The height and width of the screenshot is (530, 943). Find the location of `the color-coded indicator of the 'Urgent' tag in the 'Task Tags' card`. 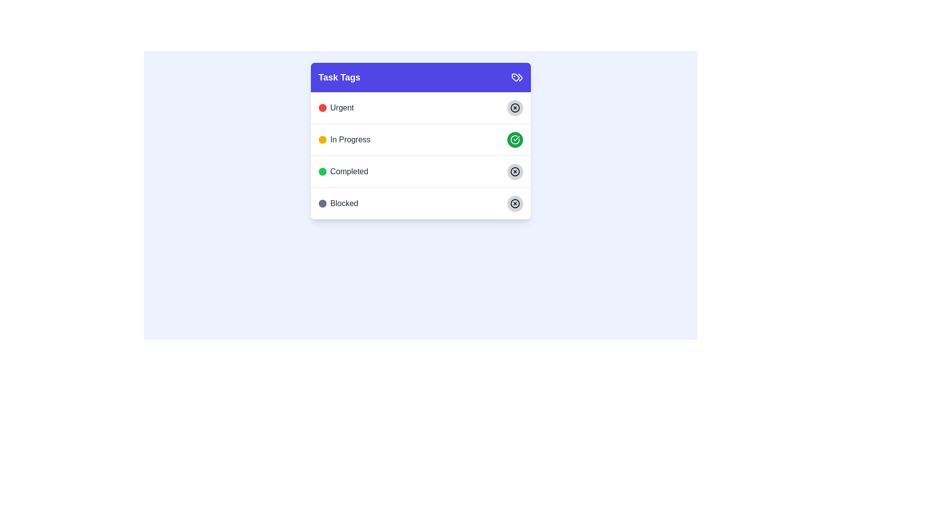

the color-coded indicator of the 'Urgent' tag in the 'Task Tags' card is located at coordinates (420, 155).